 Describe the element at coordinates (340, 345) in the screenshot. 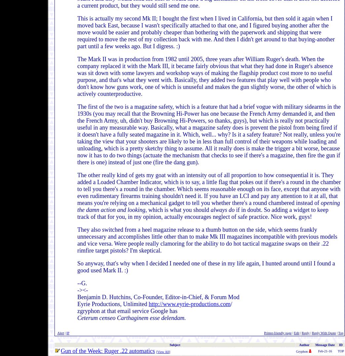

I see `'ID'` at that location.